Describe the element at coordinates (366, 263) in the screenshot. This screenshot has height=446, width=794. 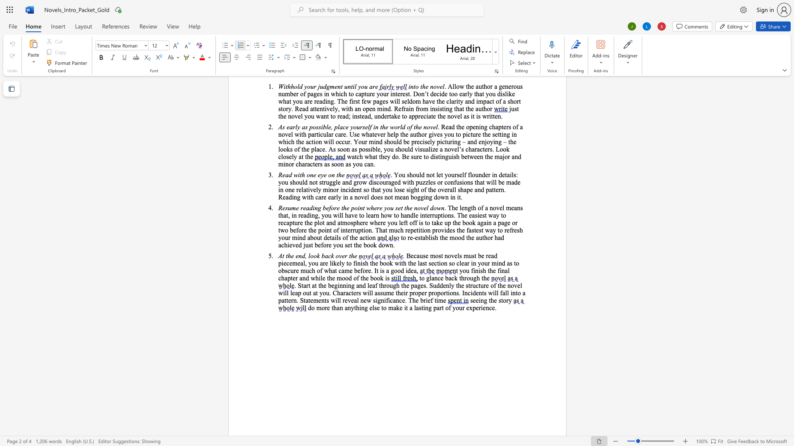
I see `the 1th character "h" in the text` at that location.